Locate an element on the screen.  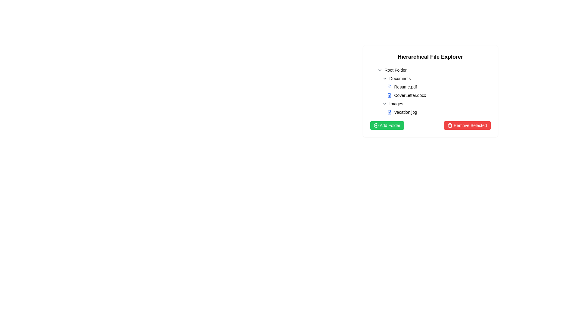
the 'Images' folder text label located under the 'Documents' header in the 'Root Folder' section of the file explorer is located at coordinates (396, 103).